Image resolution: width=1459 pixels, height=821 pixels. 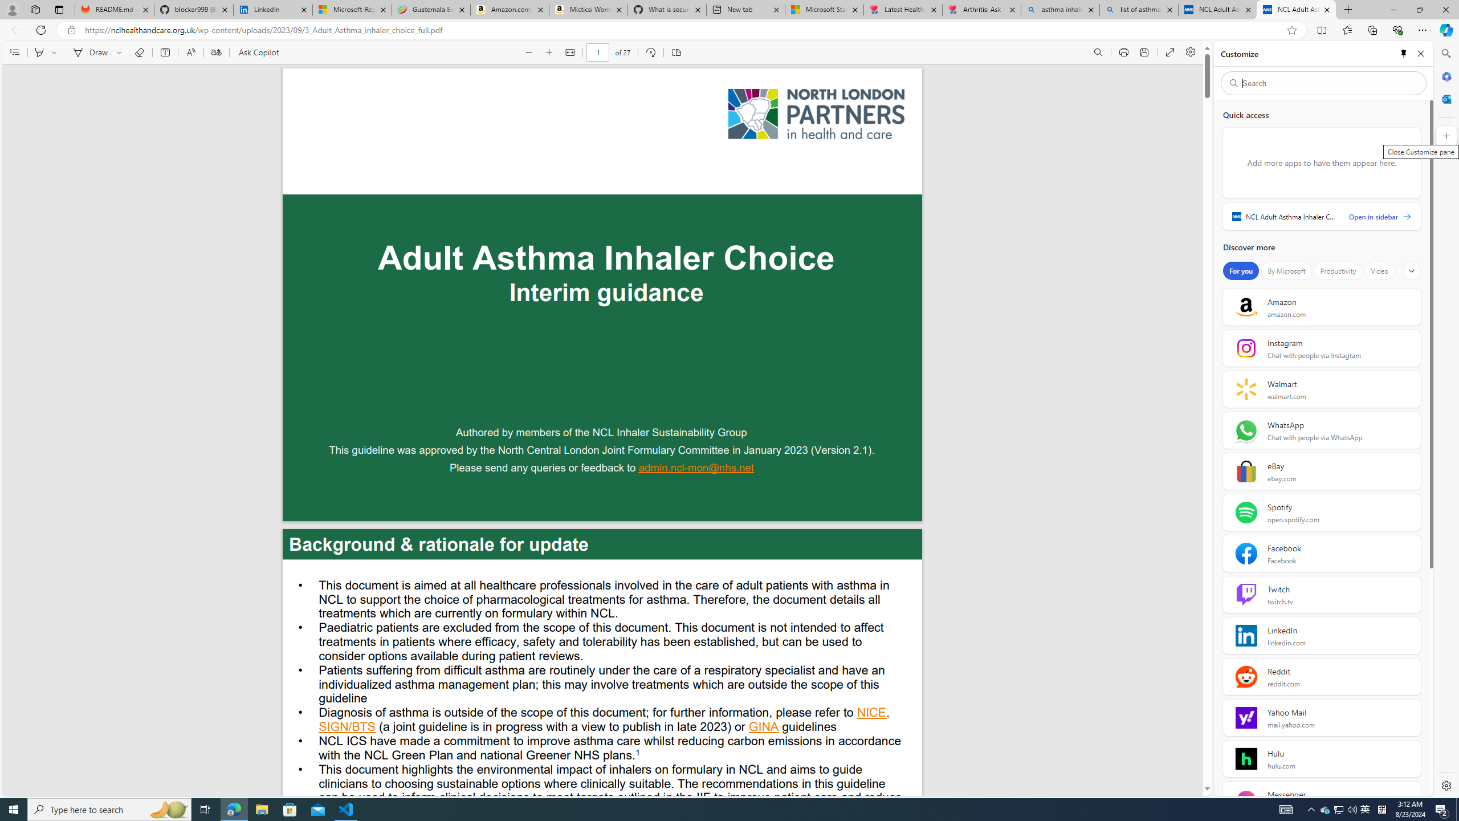 I want to click on 'Select ink properties', so click(x=120, y=52).